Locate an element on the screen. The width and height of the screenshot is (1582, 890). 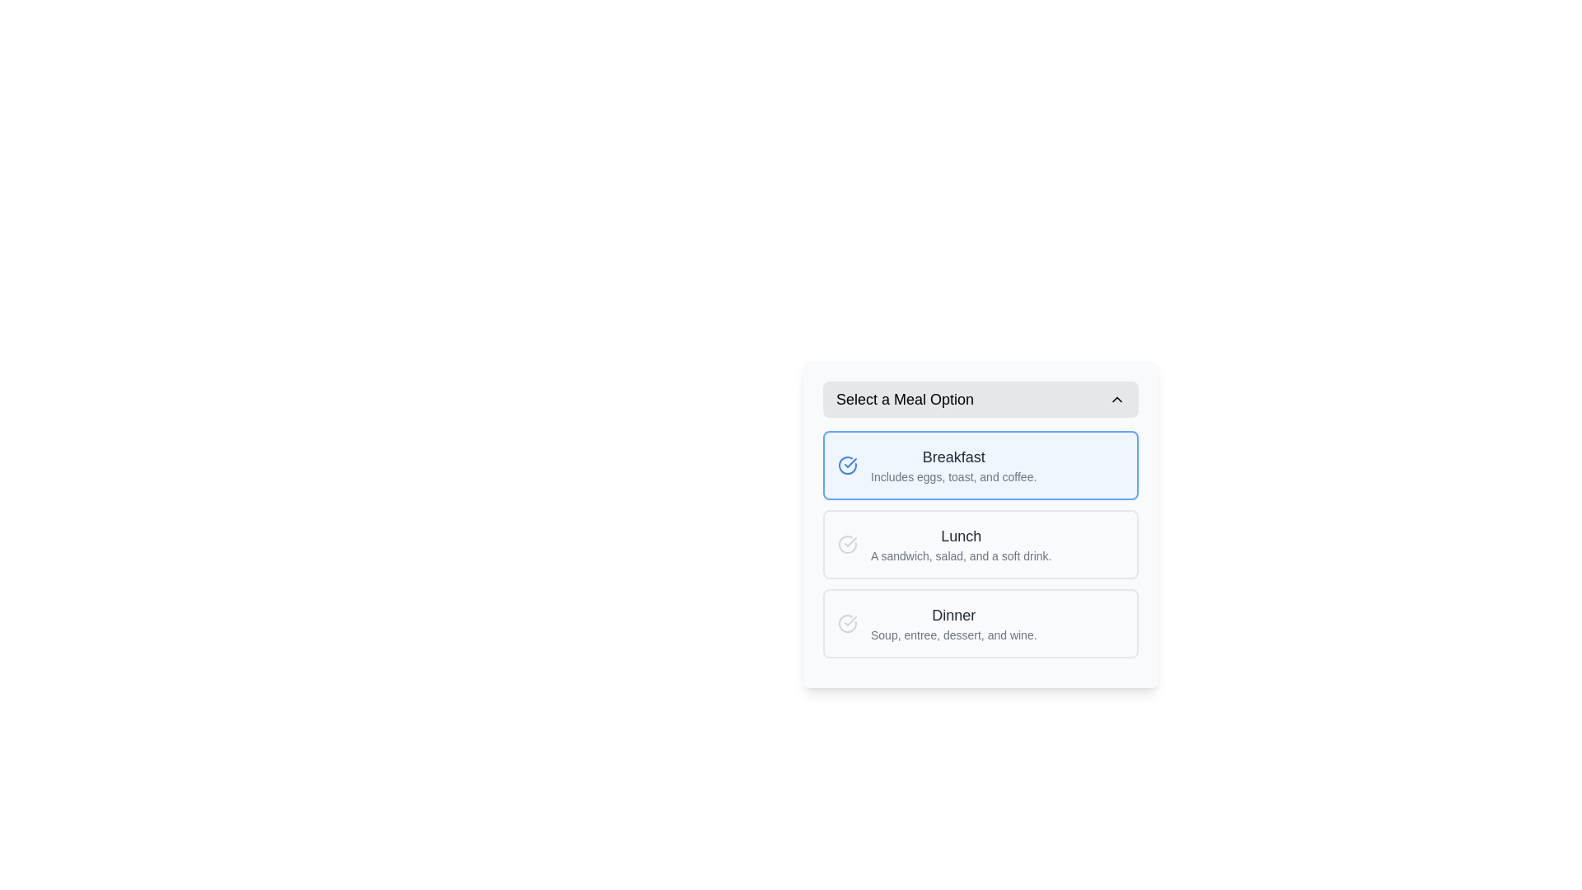
the Text Label providing details for the 'Dinner' option, which is positioned directly below the 'Dinner' label in the meal selection section is located at coordinates (953, 635).